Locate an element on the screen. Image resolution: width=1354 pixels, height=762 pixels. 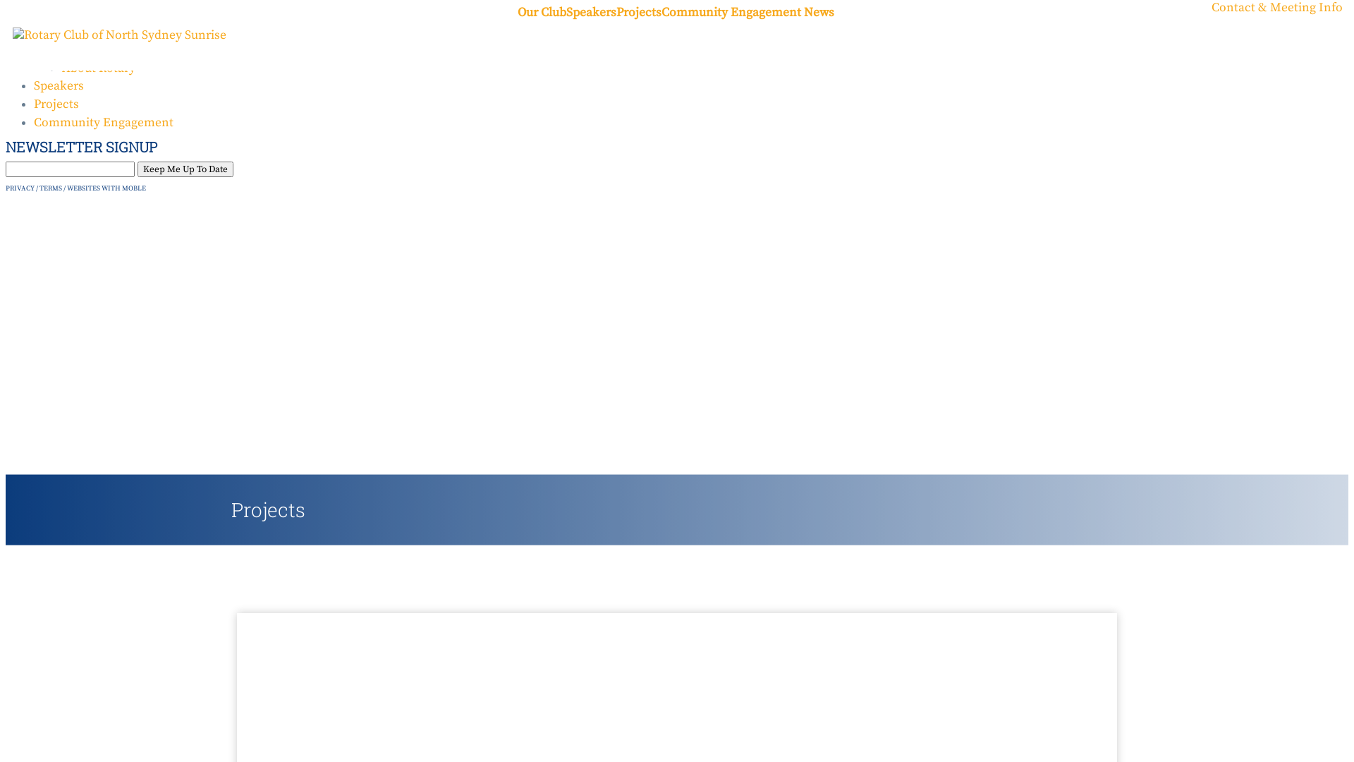
'Home' is located at coordinates (51, 13).